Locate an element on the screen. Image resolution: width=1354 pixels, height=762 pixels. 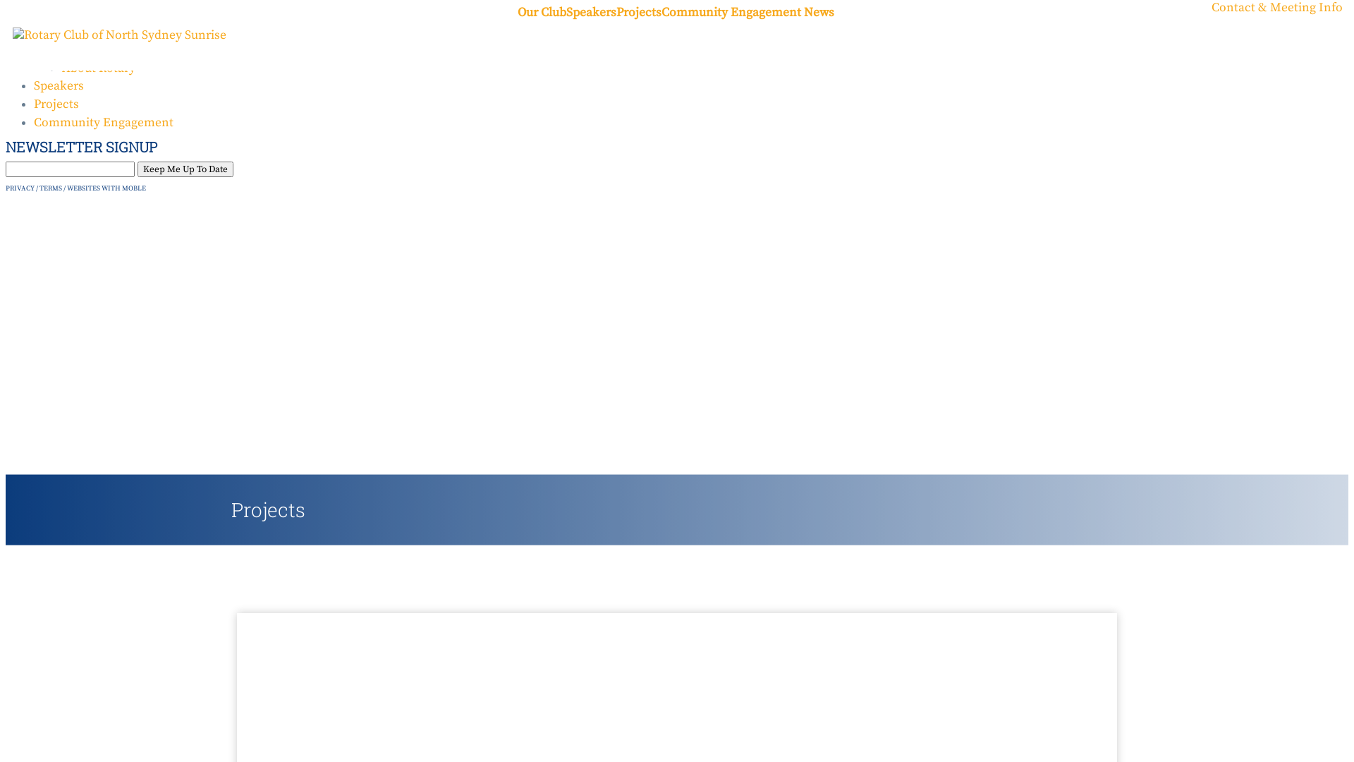
'Home' is located at coordinates (51, 13).